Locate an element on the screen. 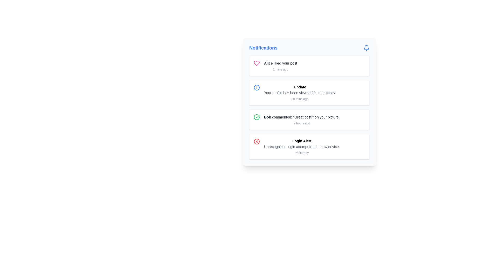 The height and width of the screenshot is (280, 498). the SVG Circle that serves as an informational badge within the second notification card, located to the left of the text 'Update' and 'Your profile has been viewed 20 times today.' is located at coordinates (257, 87).